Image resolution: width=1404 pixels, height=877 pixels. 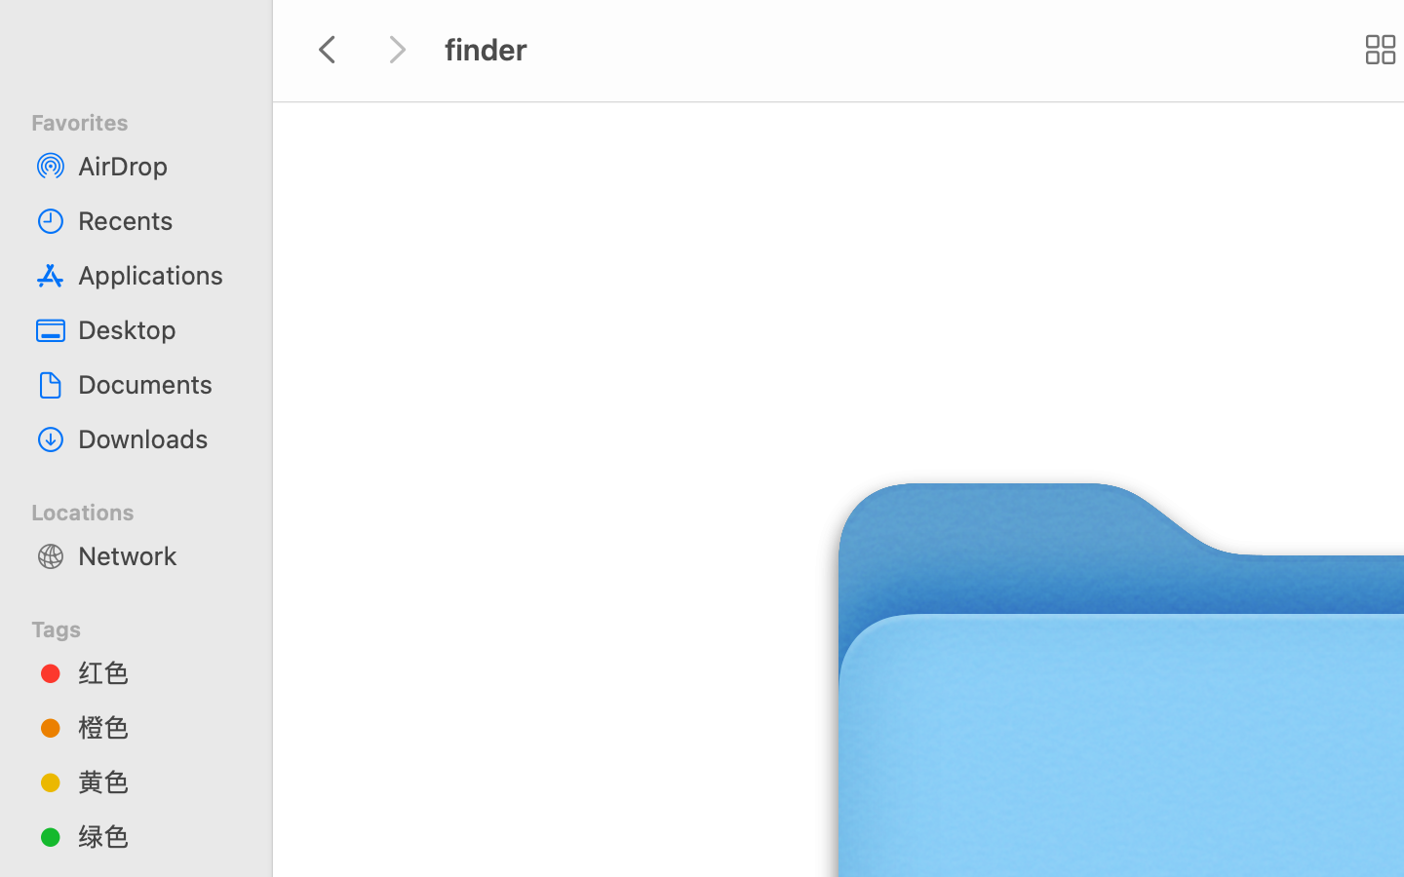 I want to click on 'Locations', so click(x=146, y=508).